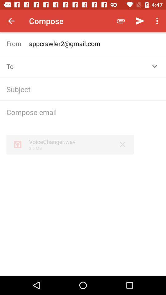  Describe the element at coordinates (18, 43) in the screenshot. I see `from item` at that location.